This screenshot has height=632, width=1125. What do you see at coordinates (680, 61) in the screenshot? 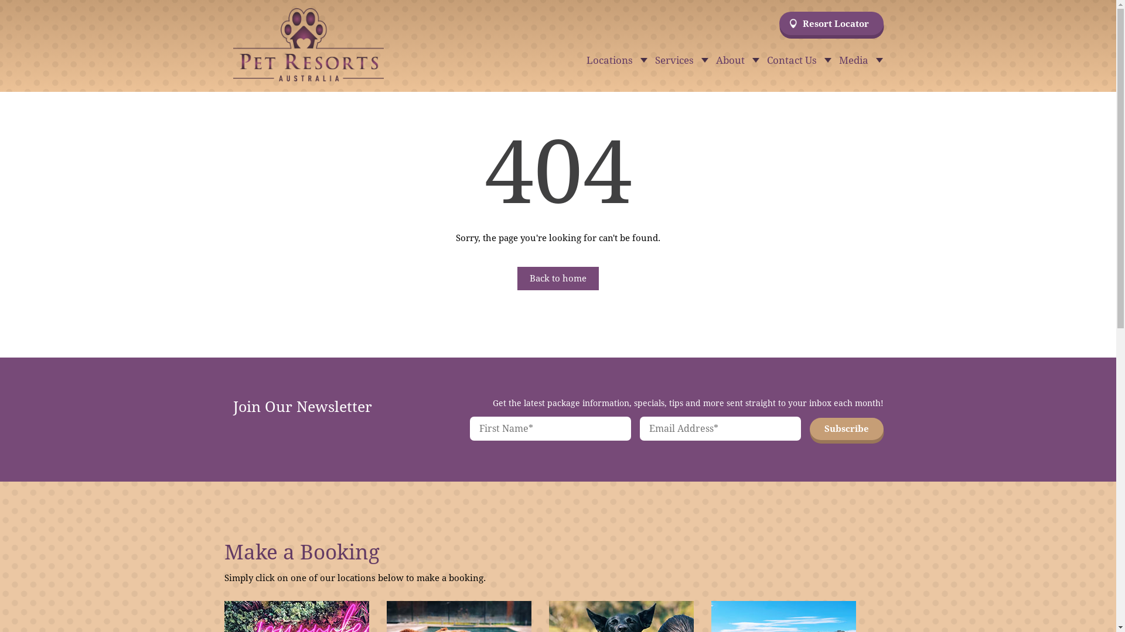
I see `'Services'` at bounding box center [680, 61].